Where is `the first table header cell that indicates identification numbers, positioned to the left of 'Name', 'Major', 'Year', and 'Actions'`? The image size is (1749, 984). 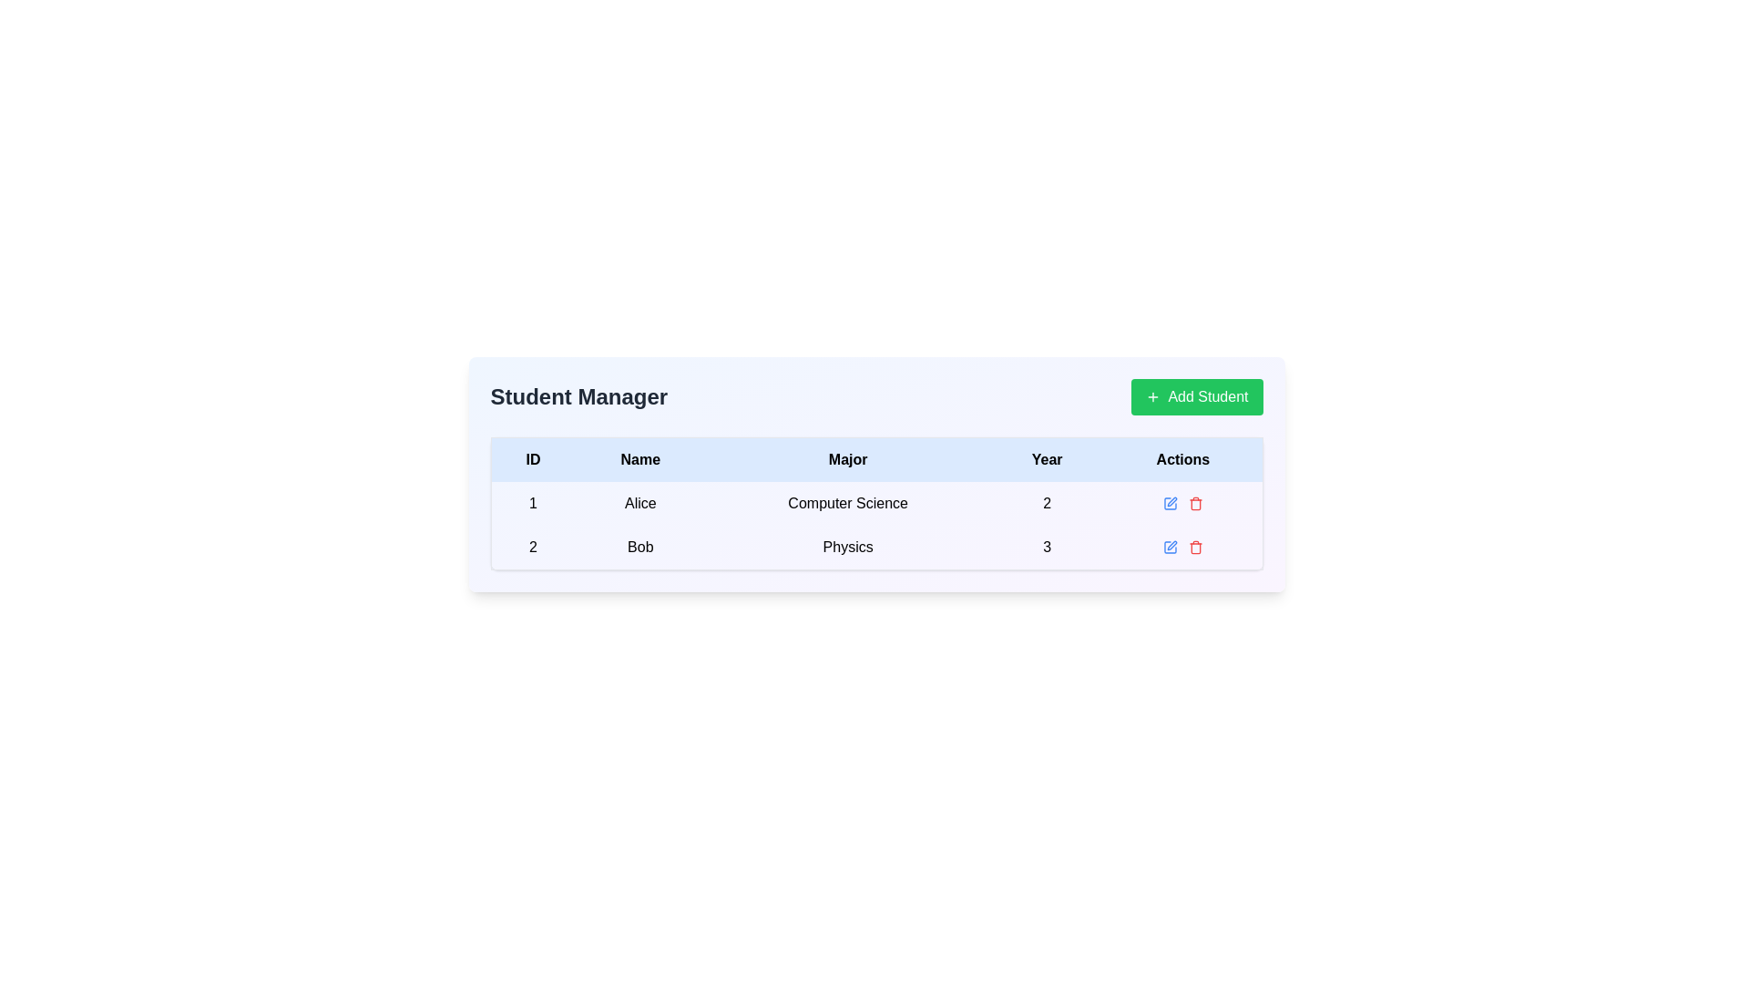
the first table header cell that indicates identification numbers, positioned to the left of 'Name', 'Major', 'Year', and 'Actions' is located at coordinates (532, 458).